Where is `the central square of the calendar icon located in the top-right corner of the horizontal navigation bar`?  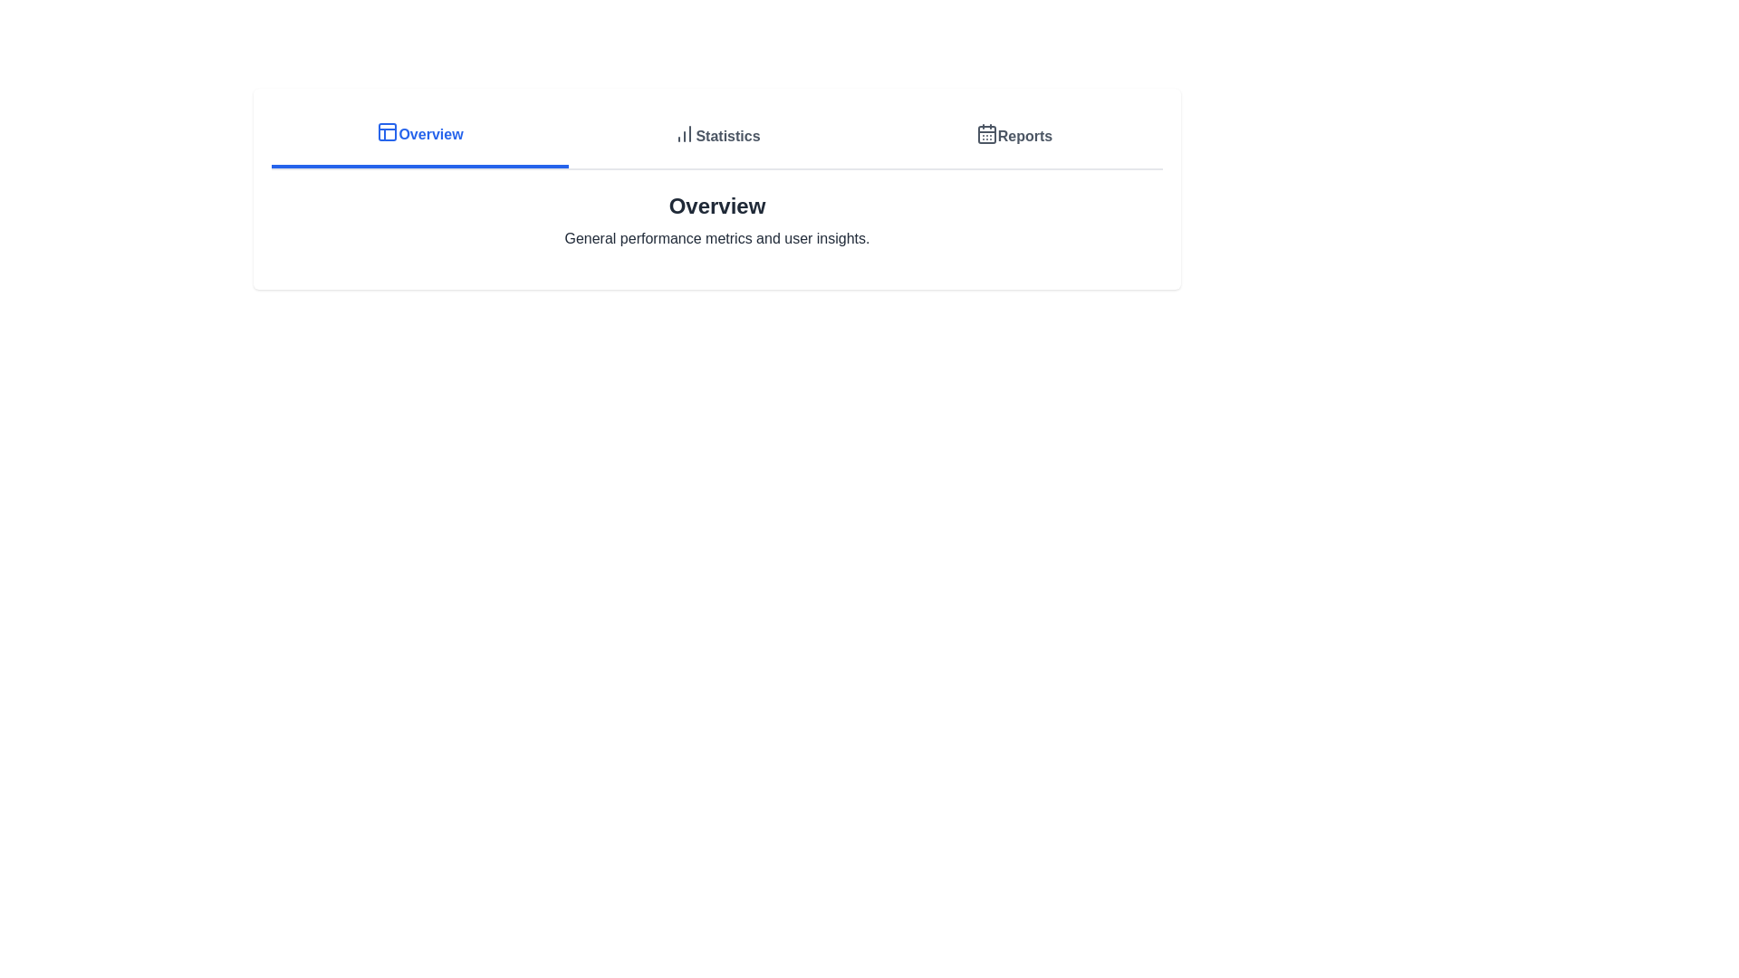 the central square of the calendar icon located in the top-right corner of the horizontal navigation bar is located at coordinates (985, 134).